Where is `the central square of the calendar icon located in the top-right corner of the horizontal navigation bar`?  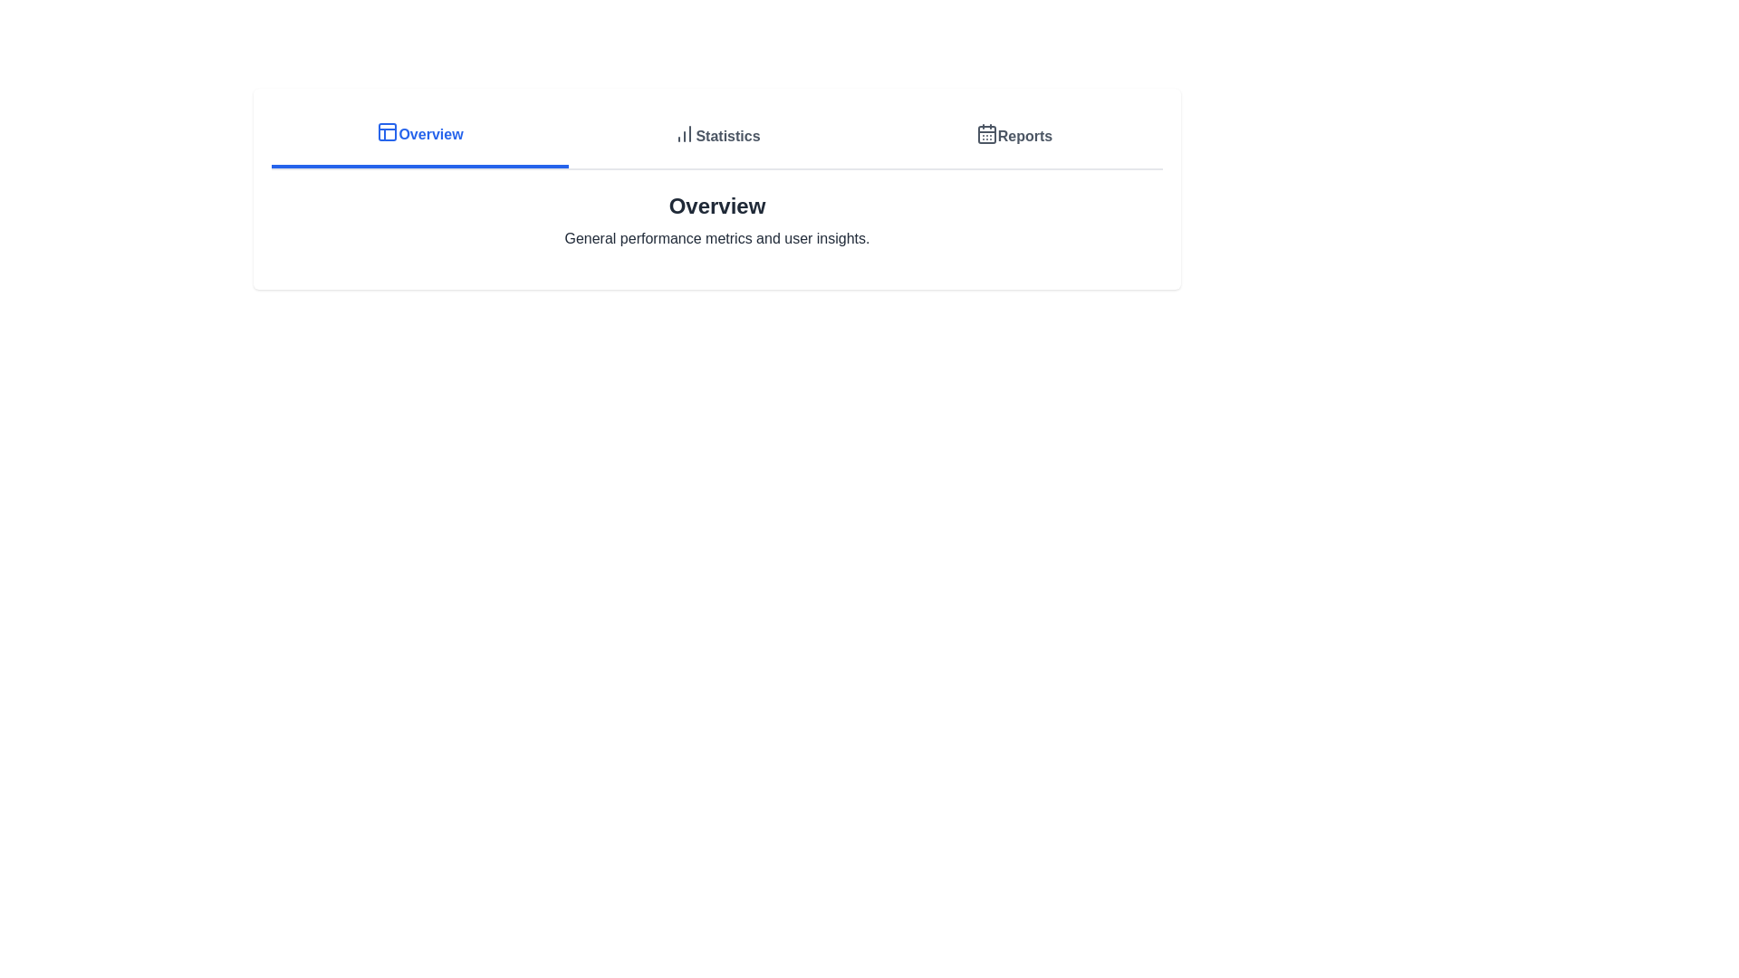 the central square of the calendar icon located in the top-right corner of the horizontal navigation bar is located at coordinates (985, 134).